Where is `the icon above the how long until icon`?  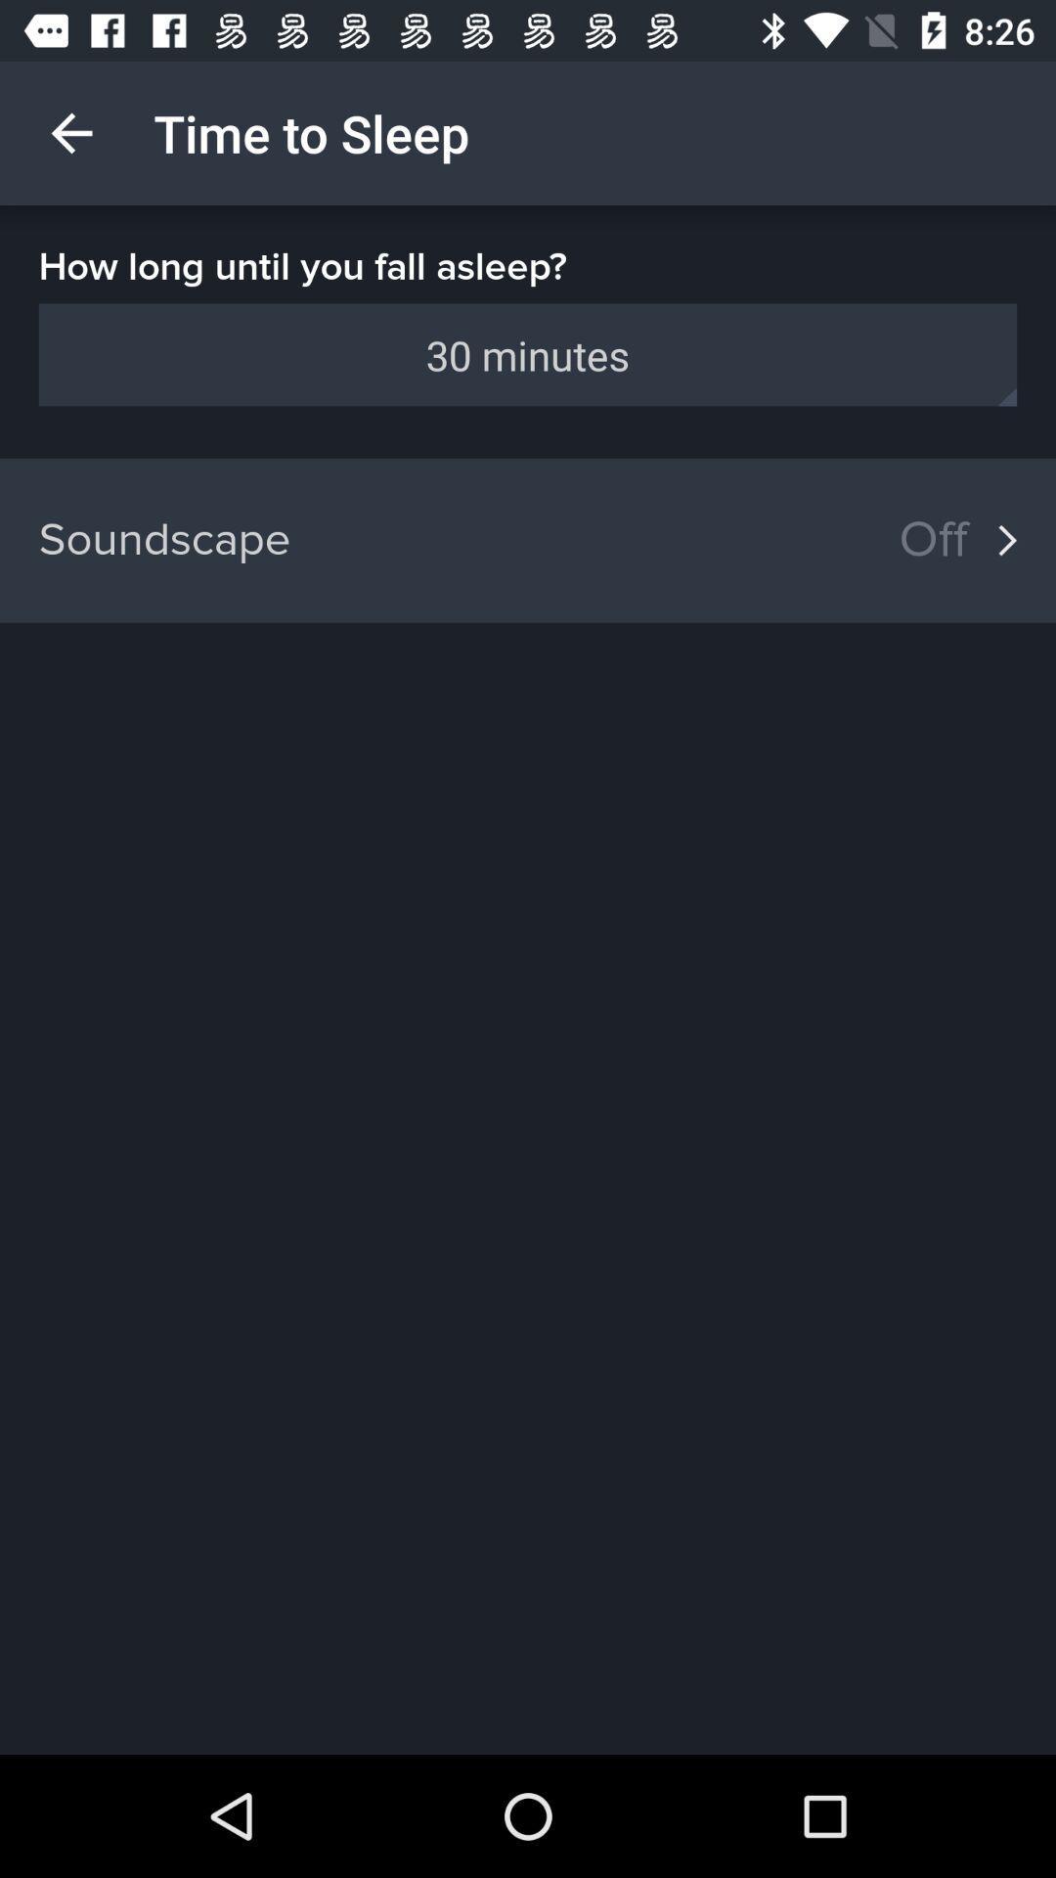 the icon above the how long until icon is located at coordinates (70, 132).